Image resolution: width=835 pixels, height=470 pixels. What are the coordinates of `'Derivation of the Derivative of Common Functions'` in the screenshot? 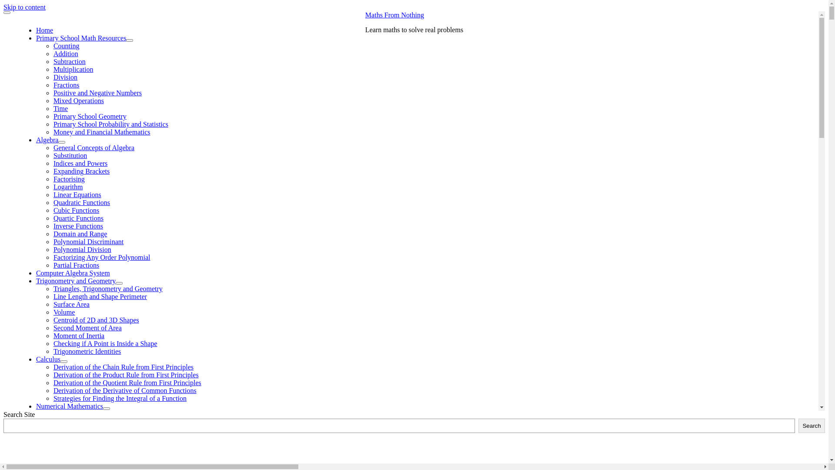 It's located at (124, 390).